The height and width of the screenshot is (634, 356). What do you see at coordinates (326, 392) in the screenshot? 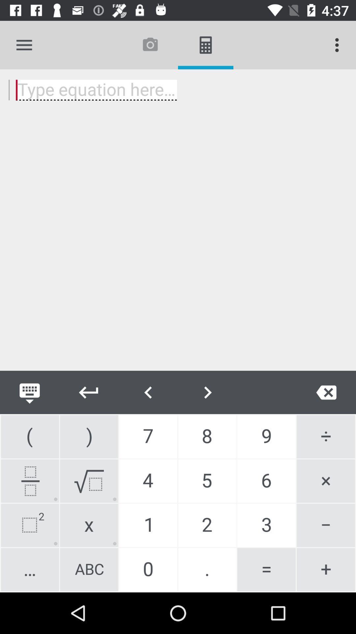
I see `the close icon` at bounding box center [326, 392].